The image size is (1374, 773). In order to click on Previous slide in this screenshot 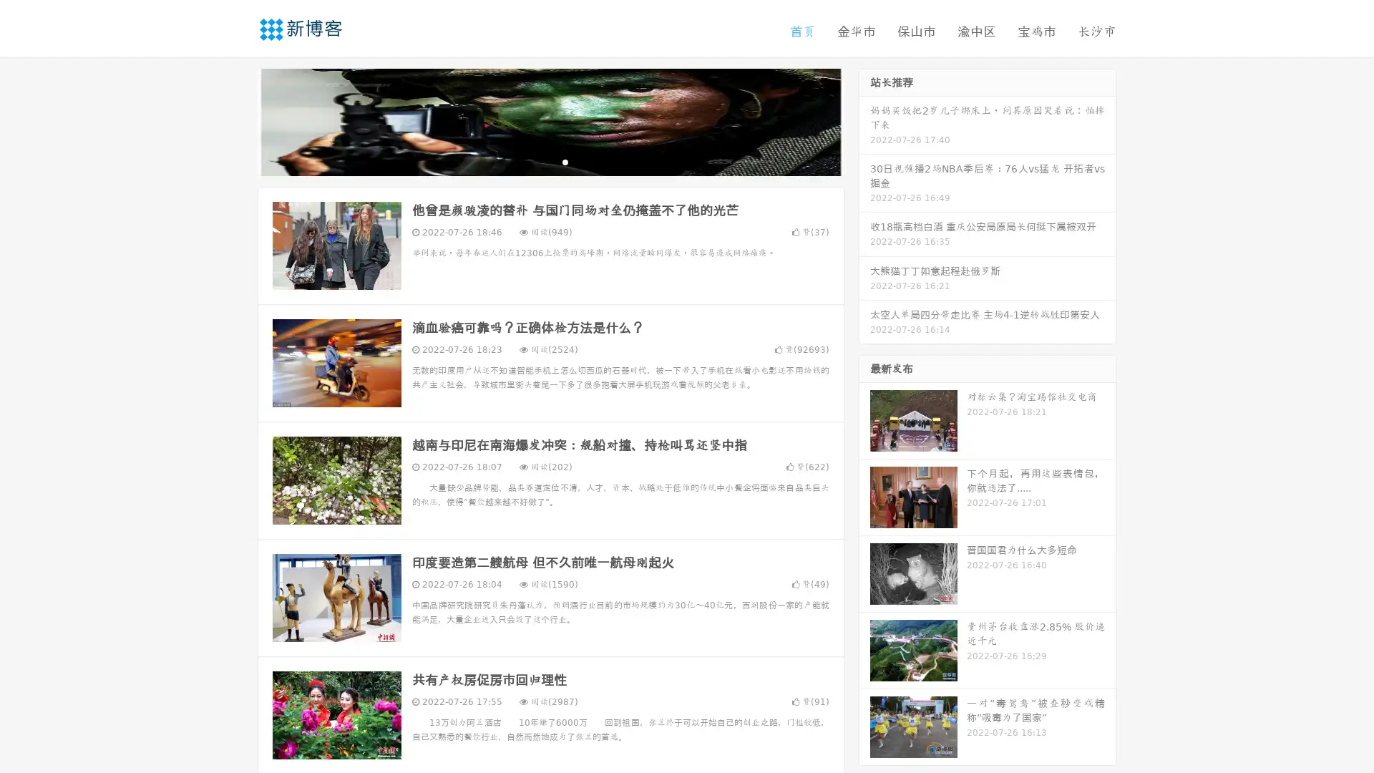, I will do `click(236, 120)`.